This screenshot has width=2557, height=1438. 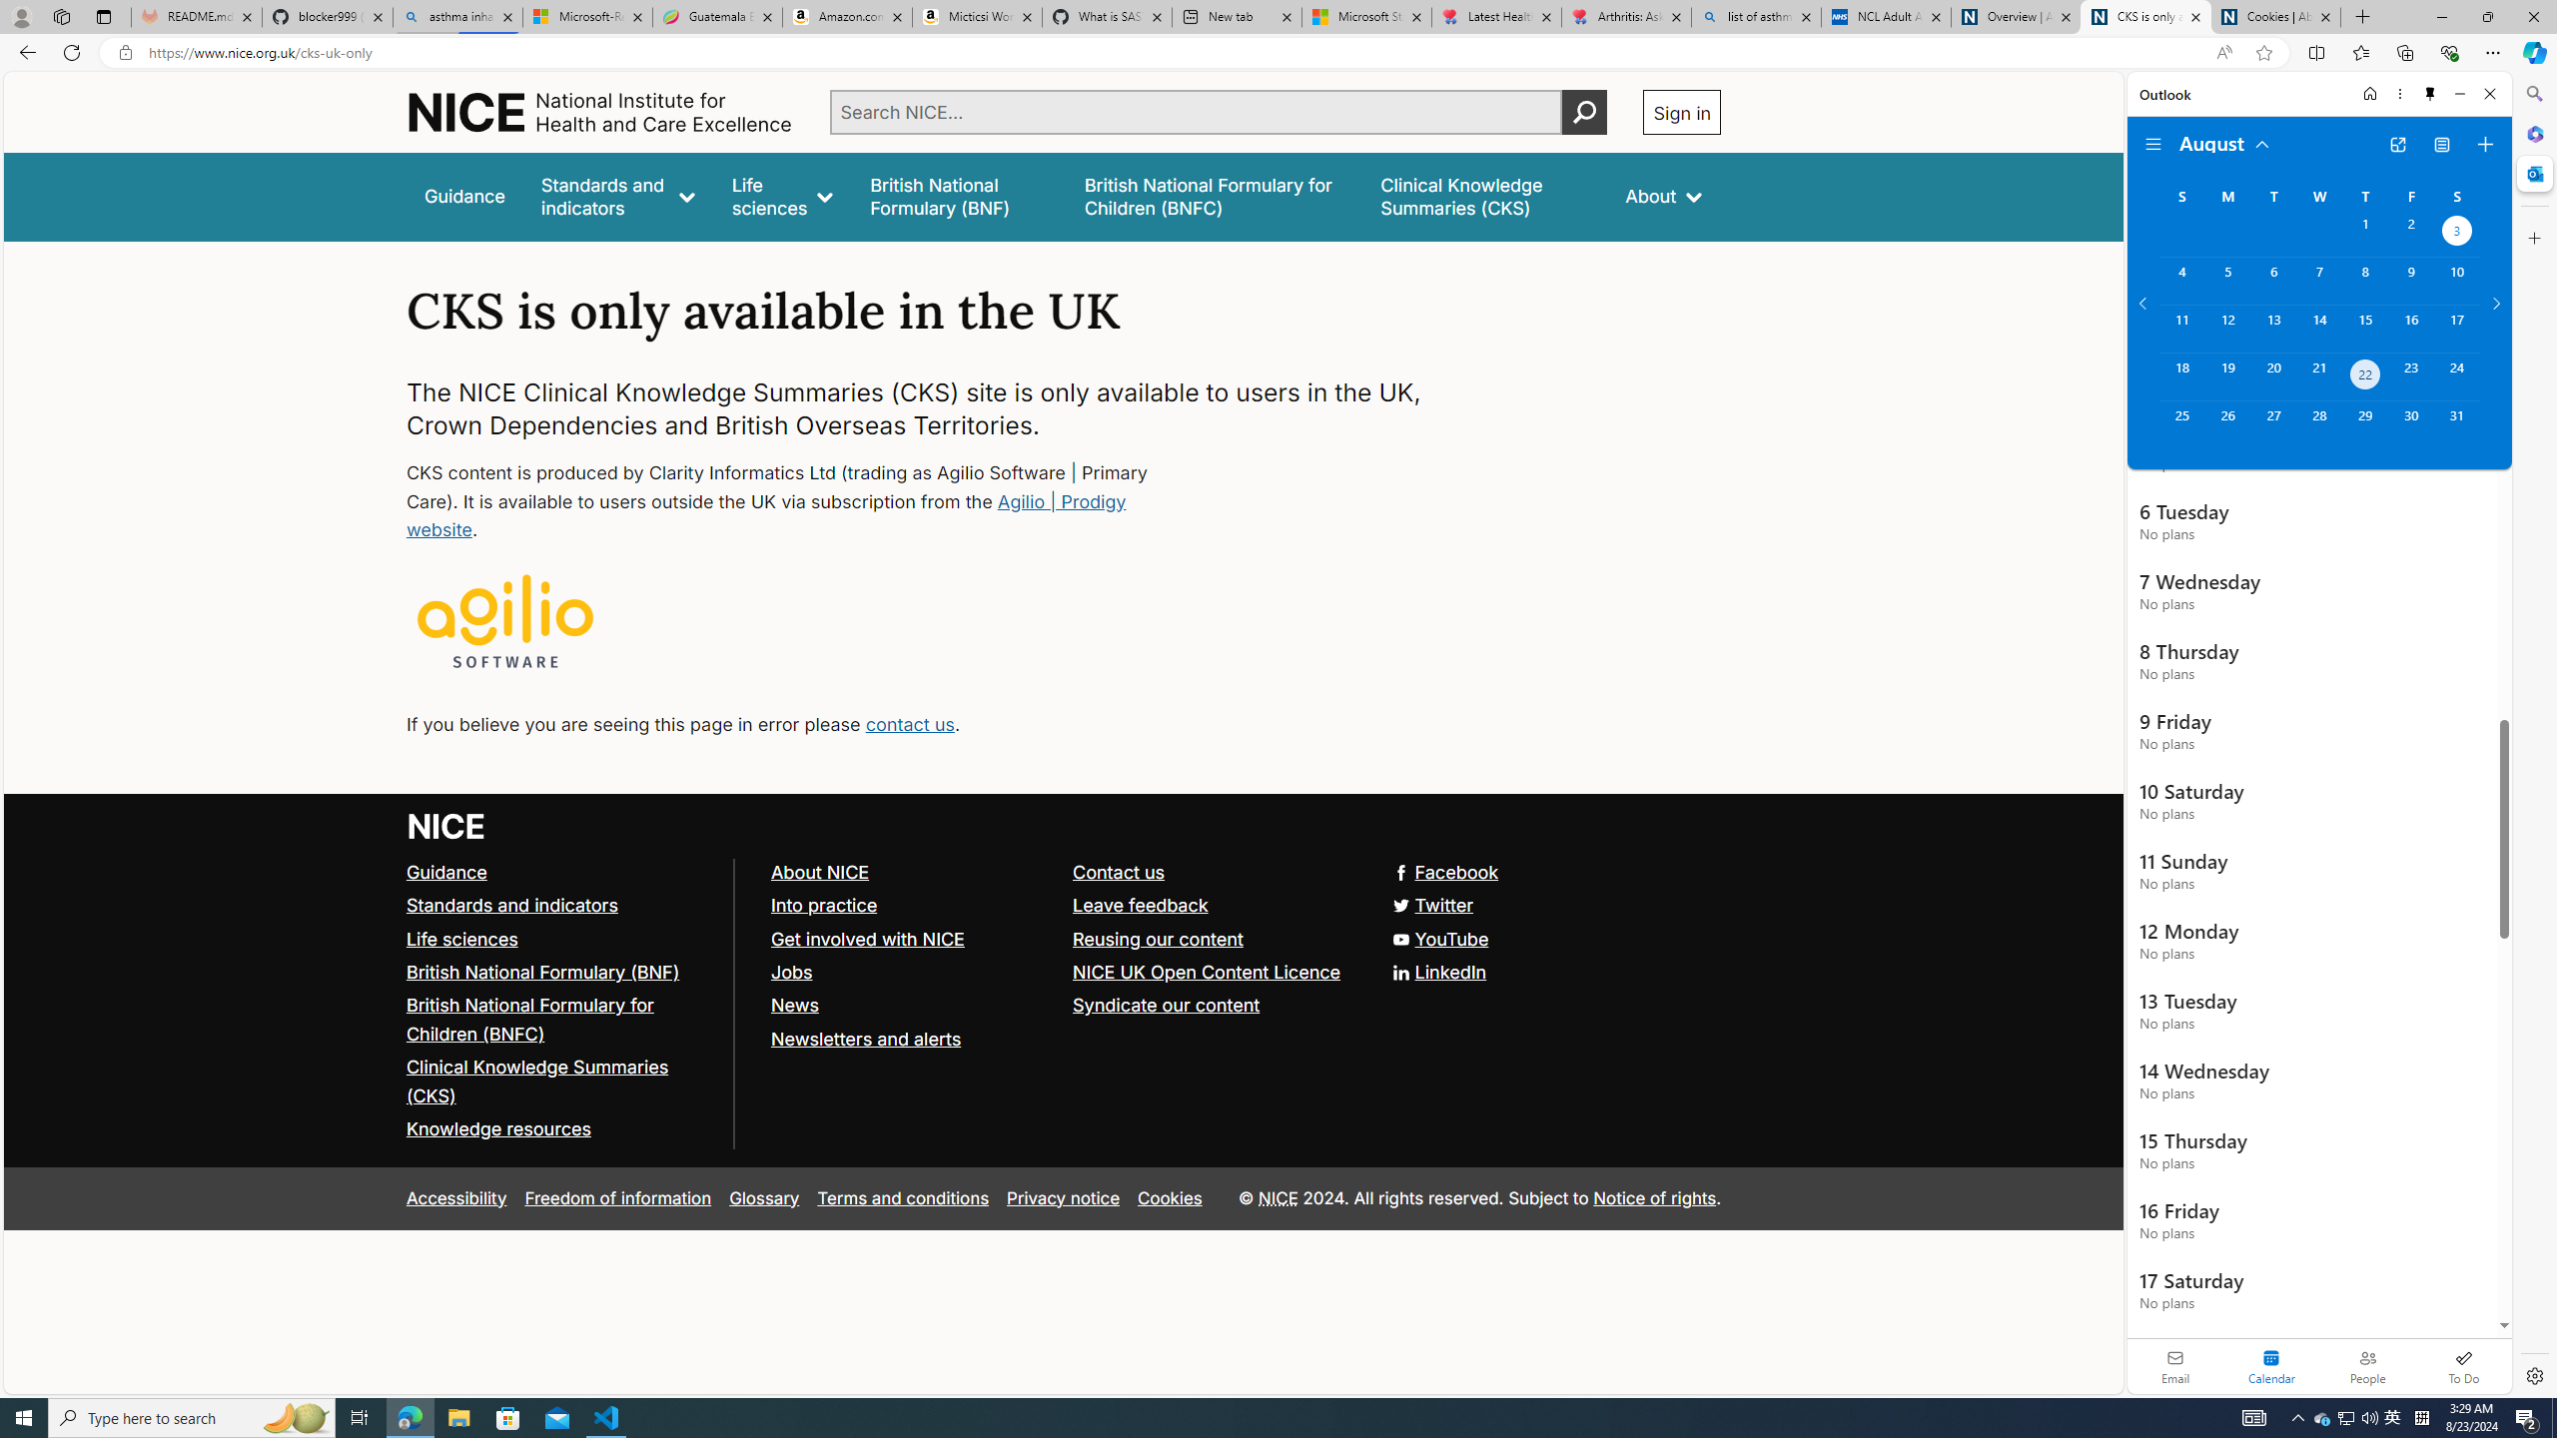 What do you see at coordinates (1169, 1197) in the screenshot?
I see `'Cookies'` at bounding box center [1169, 1197].